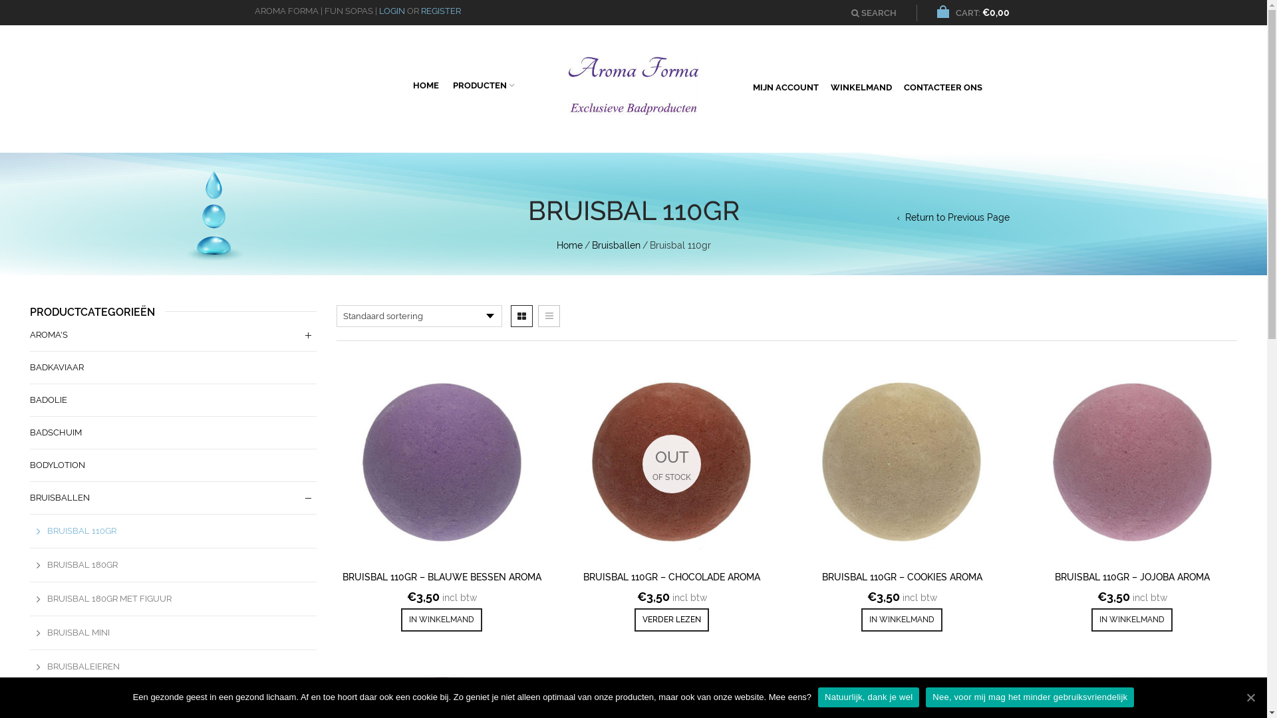 This screenshot has height=718, width=1277. Describe the element at coordinates (747, 85) in the screenshot. I see `'MIJN ACCOUNT'` at that location.